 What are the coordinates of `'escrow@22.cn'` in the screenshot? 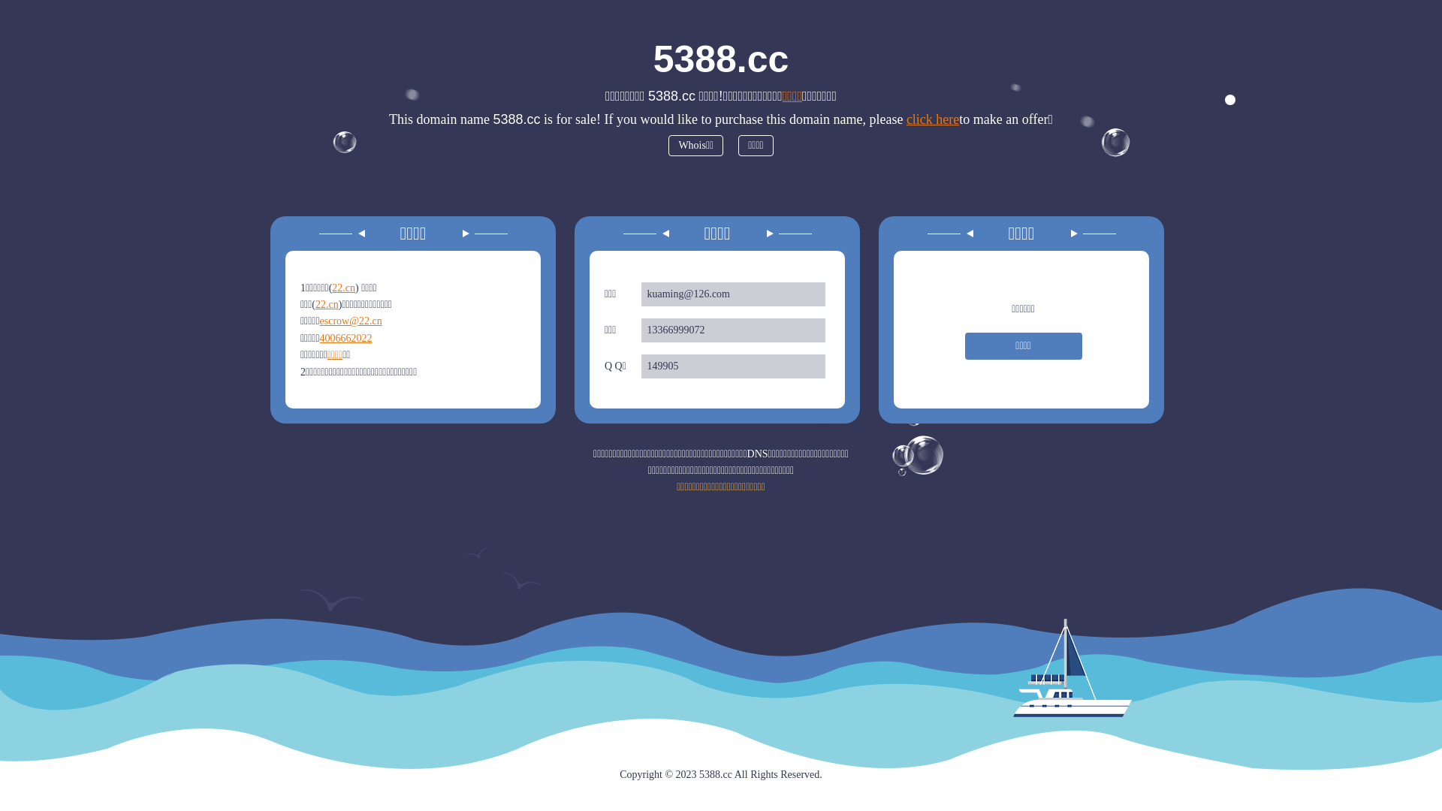 It's located at (350, 320).